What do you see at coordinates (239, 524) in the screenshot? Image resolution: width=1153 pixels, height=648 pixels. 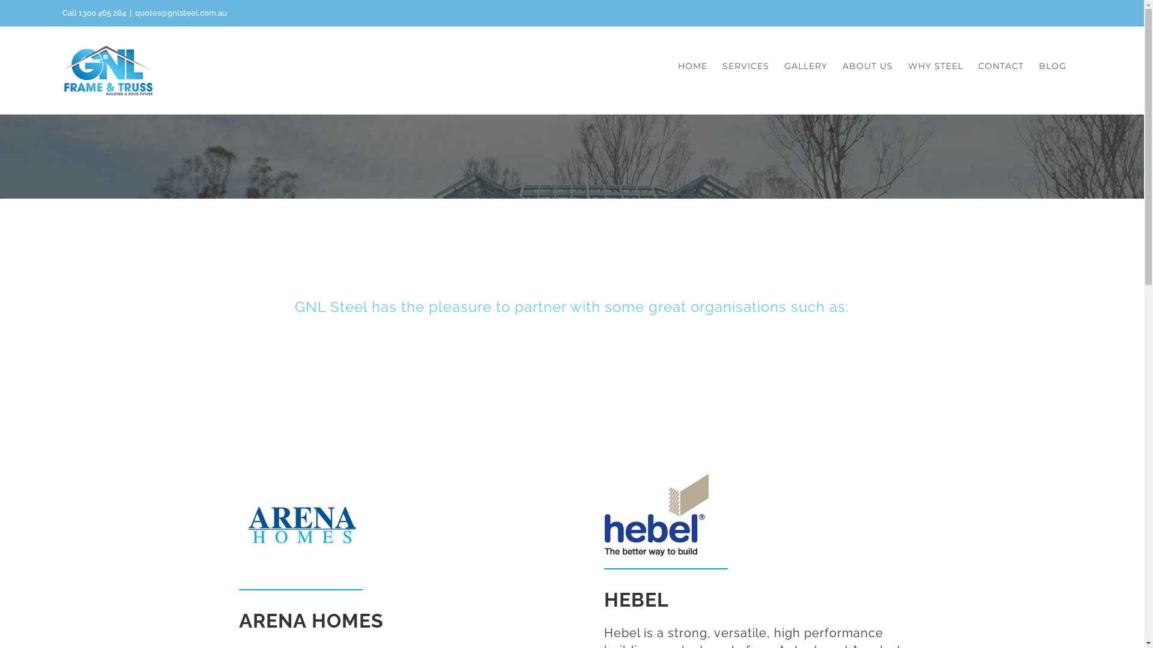 I see `'arena'` at bounding box center [239, 524].